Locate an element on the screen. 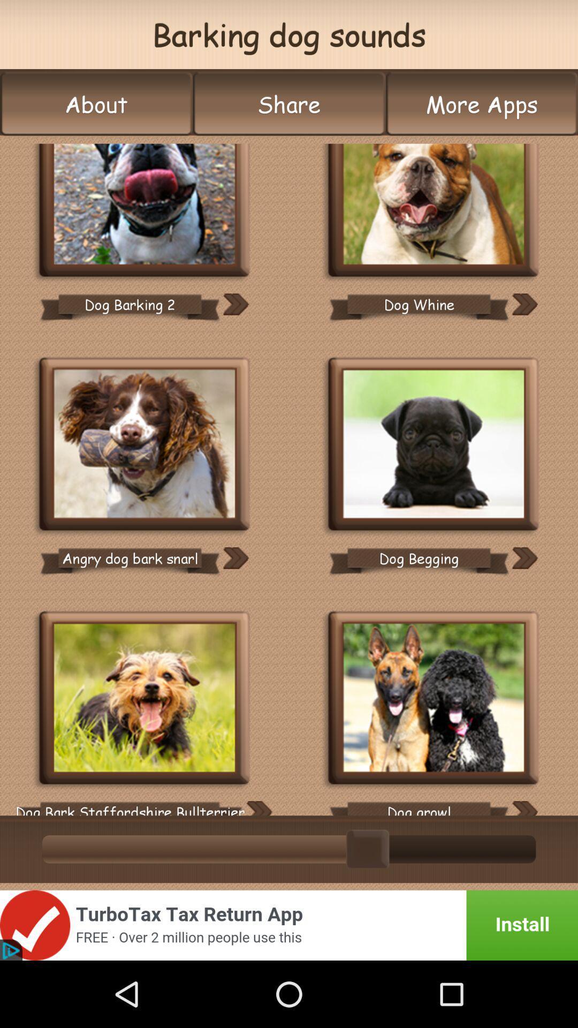 This screenshot has width=578, height=1028. dog whine icon is located at coordinates (419, 304).